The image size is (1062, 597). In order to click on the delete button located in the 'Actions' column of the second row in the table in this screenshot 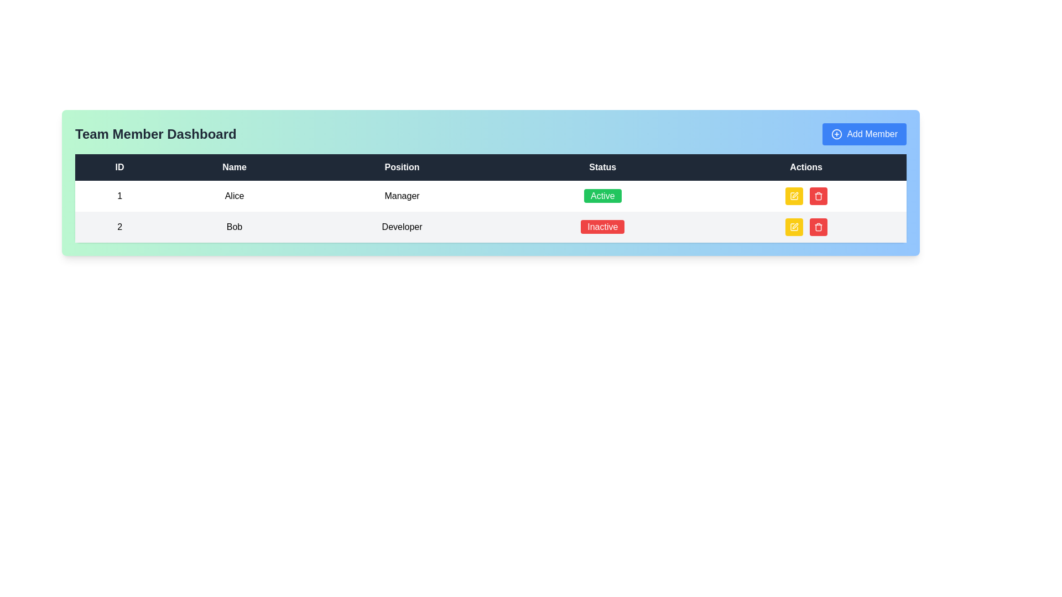, I will do `click(818, 195)`.